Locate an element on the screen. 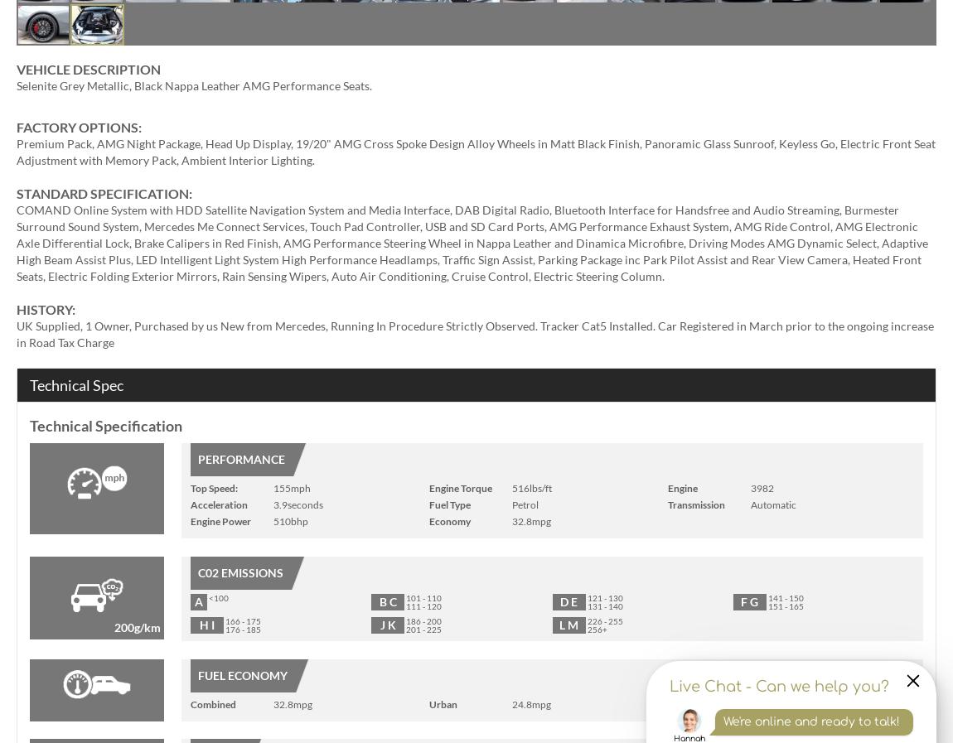 This screenshot has height=743, width=953. 'VEHICLE DESCRIPTION' is located at coordinates (87, 68).